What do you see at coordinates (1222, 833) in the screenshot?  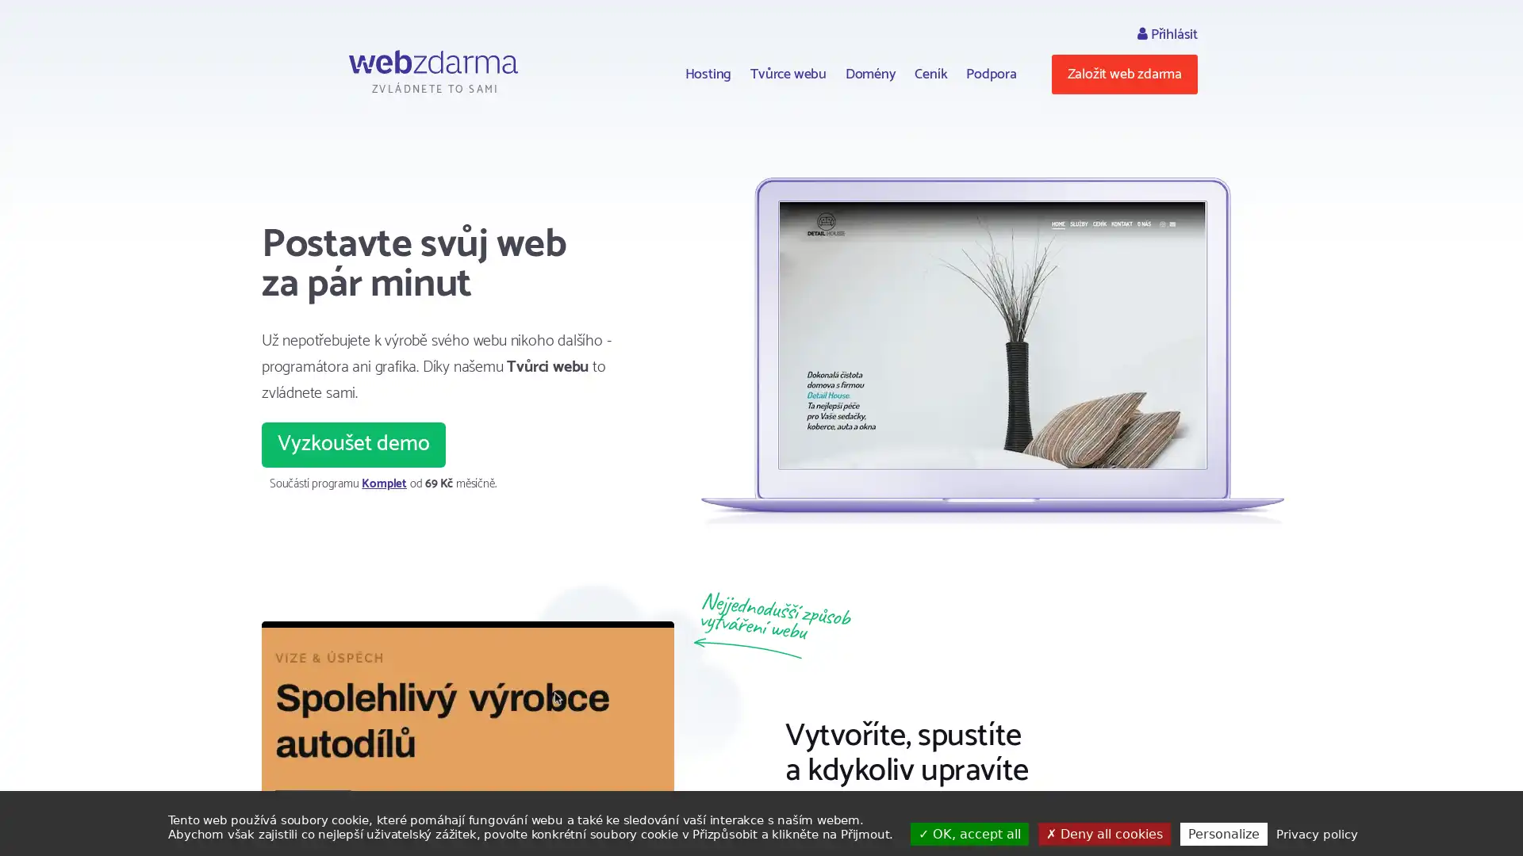 I see `Personalize (modal window)` at bounding box center [1222, 833].